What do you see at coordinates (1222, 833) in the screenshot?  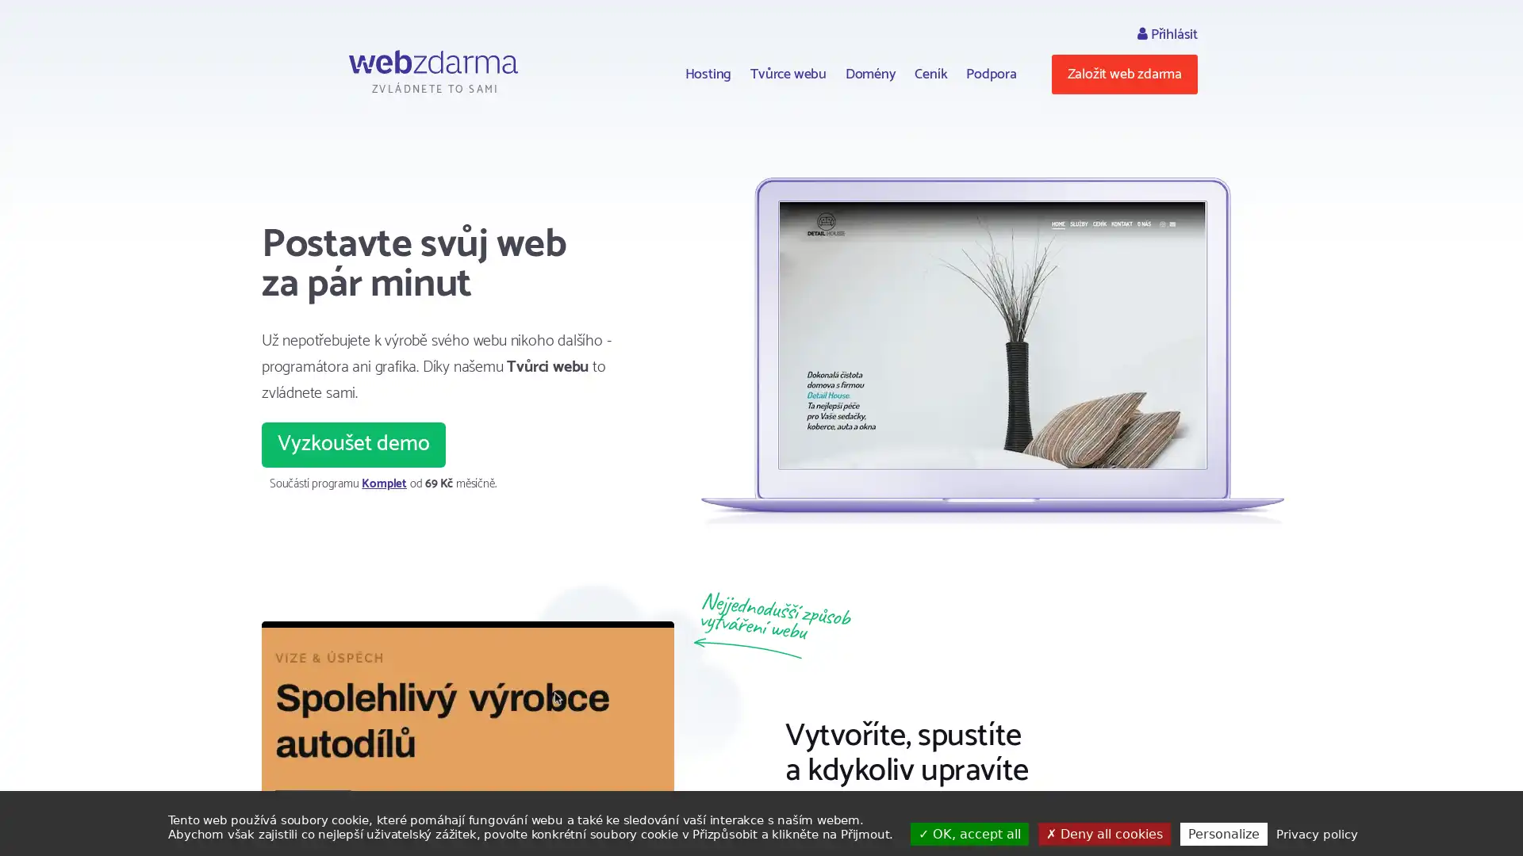 I see `Personalize (modal window)` at bounding box center [1222, 833].